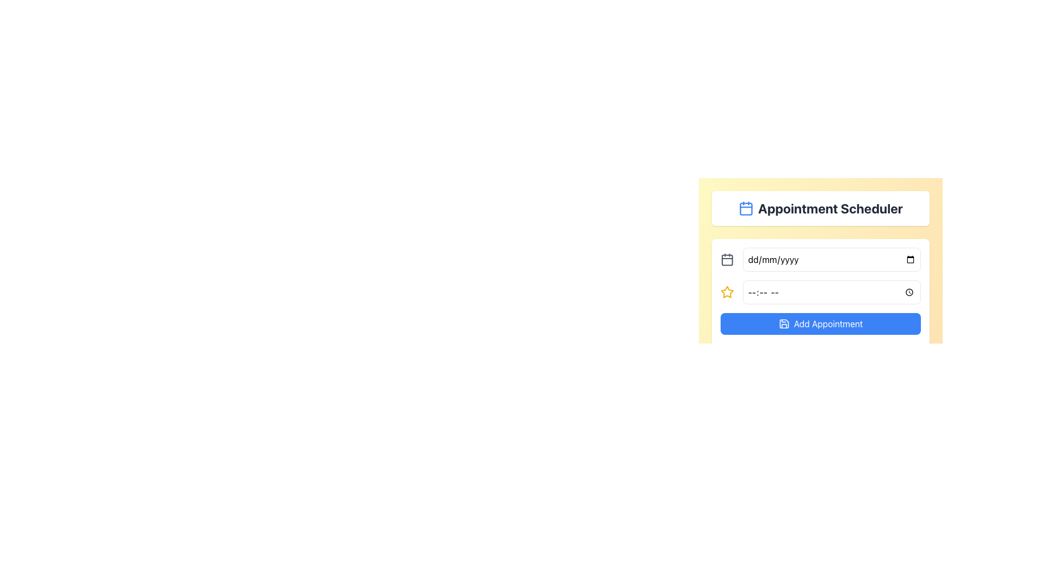 This screenshot has height=588, width=1045. What do you see at coordinates (820, 323) in the screenshot?
I see `the blue 'Add Appointment' button with rounded corners located at the bottom of the 'Appointment Scheduler' form` at bounding box center [820, 323].